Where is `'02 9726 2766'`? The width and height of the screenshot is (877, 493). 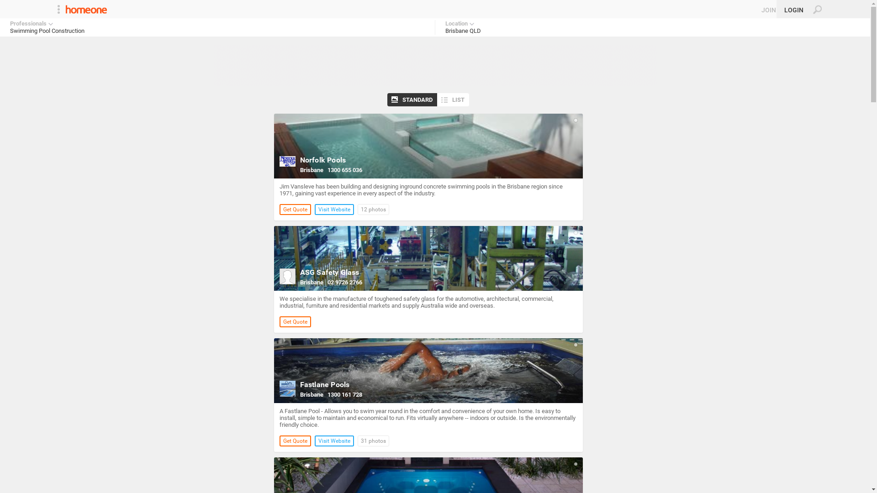 '02 9726 2766' is located at coordinates (343, 282).